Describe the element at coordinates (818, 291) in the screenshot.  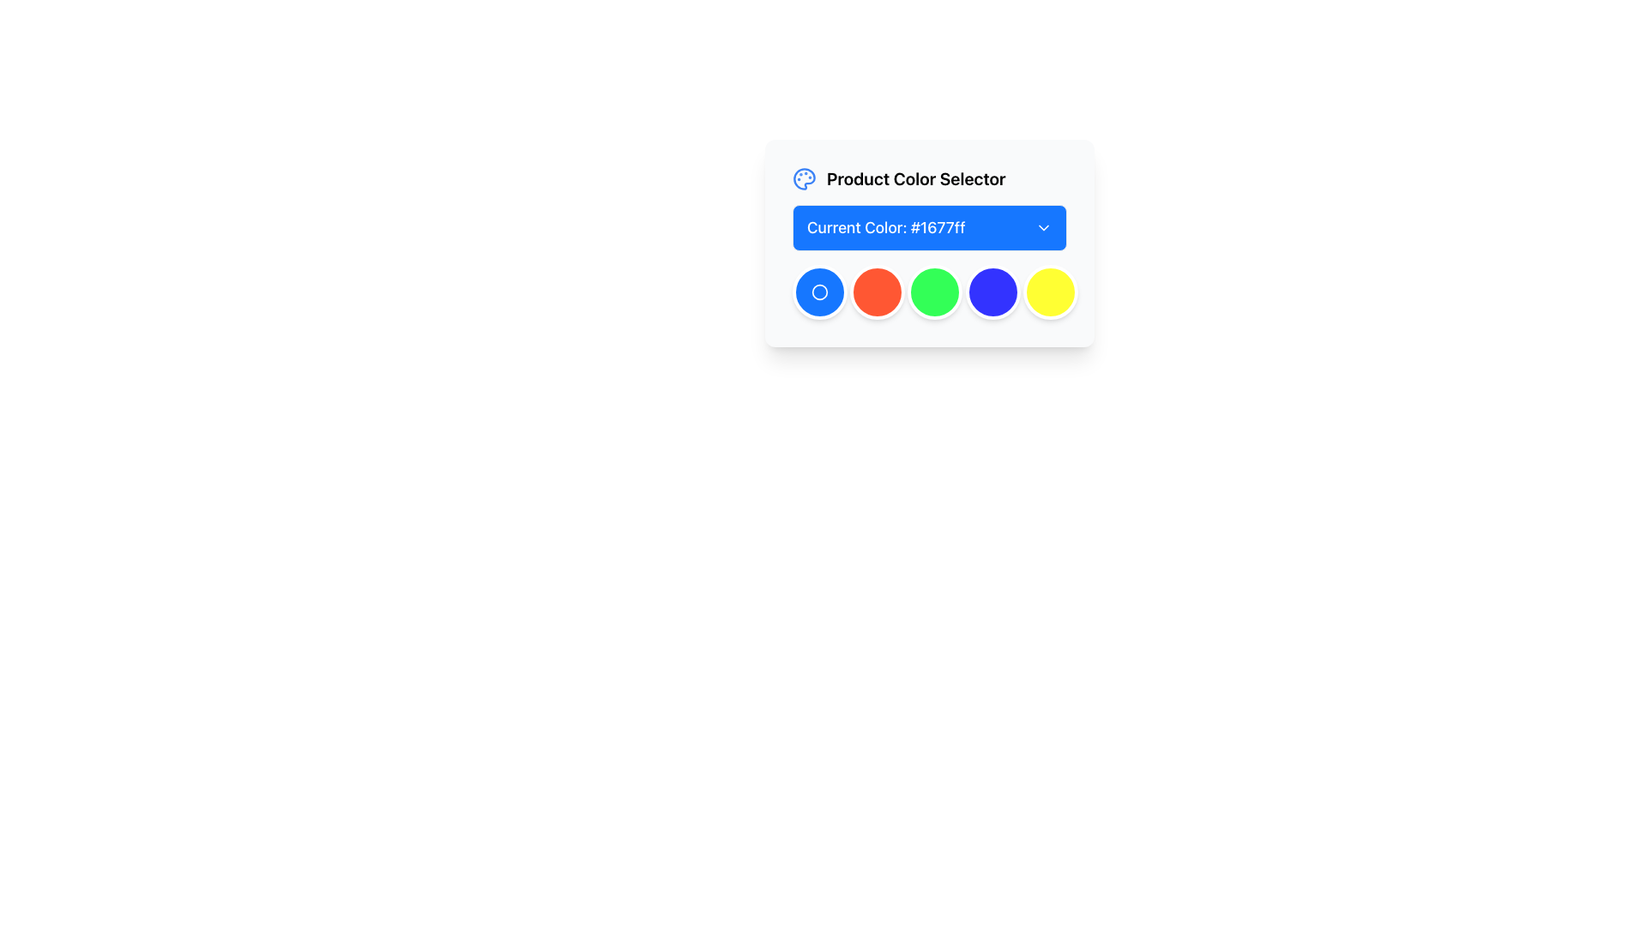
I see `the first circular color indicator with a blue fill and white stroke located beneath the 'Product Color Selector' header` at that location.